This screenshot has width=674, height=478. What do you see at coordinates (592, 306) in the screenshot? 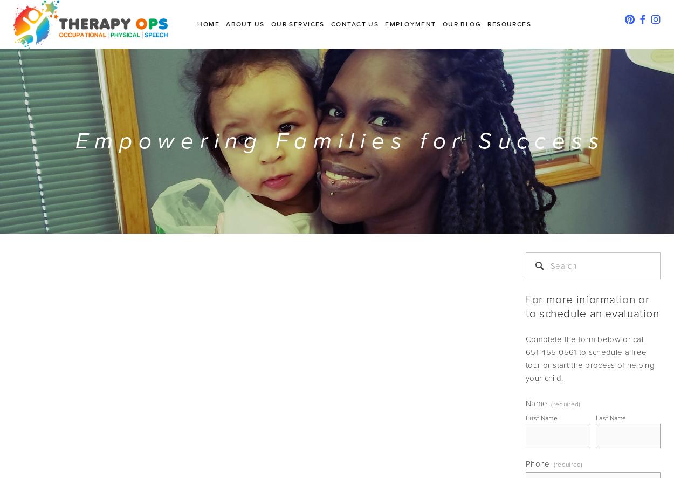
I see `'For more information or to schedule an evaluation'` at bounding box center [592, 306].